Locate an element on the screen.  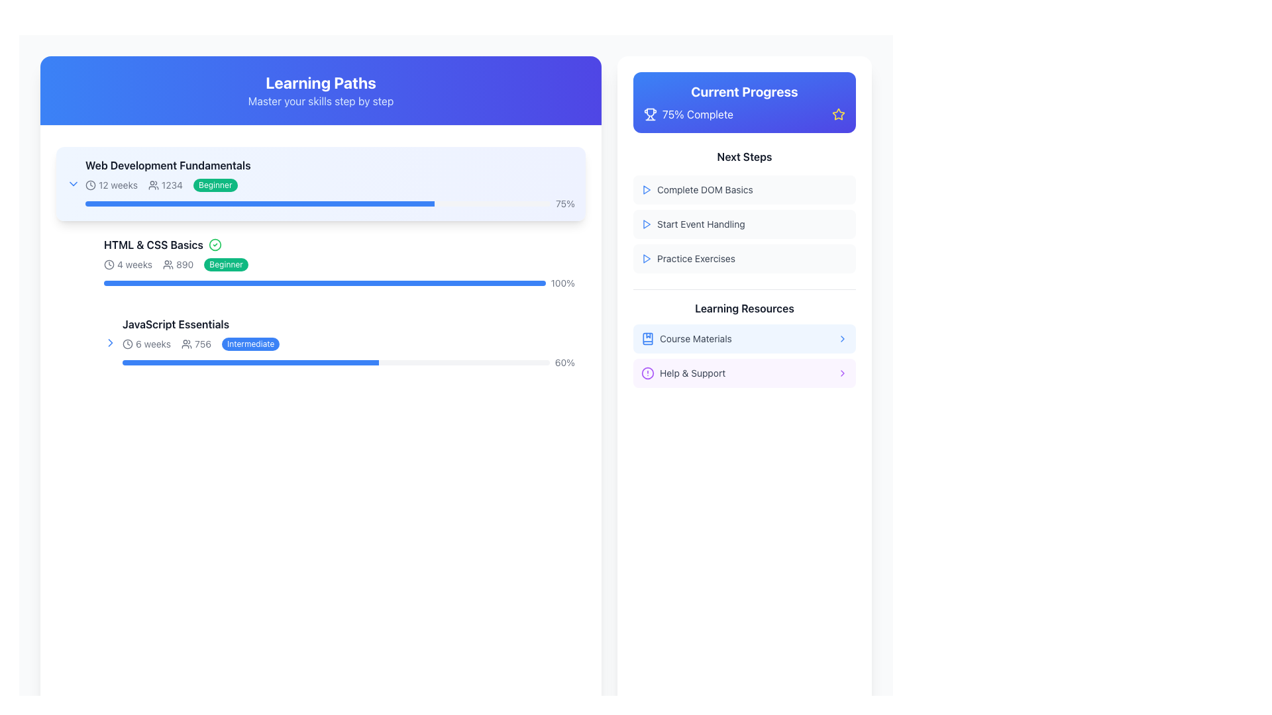
the 'JavaScript Essentials' course summary item is located at coordinates (339, 342).